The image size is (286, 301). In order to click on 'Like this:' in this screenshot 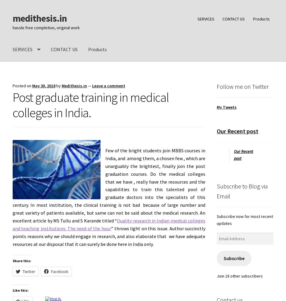, I will do `click(20, 290)`.